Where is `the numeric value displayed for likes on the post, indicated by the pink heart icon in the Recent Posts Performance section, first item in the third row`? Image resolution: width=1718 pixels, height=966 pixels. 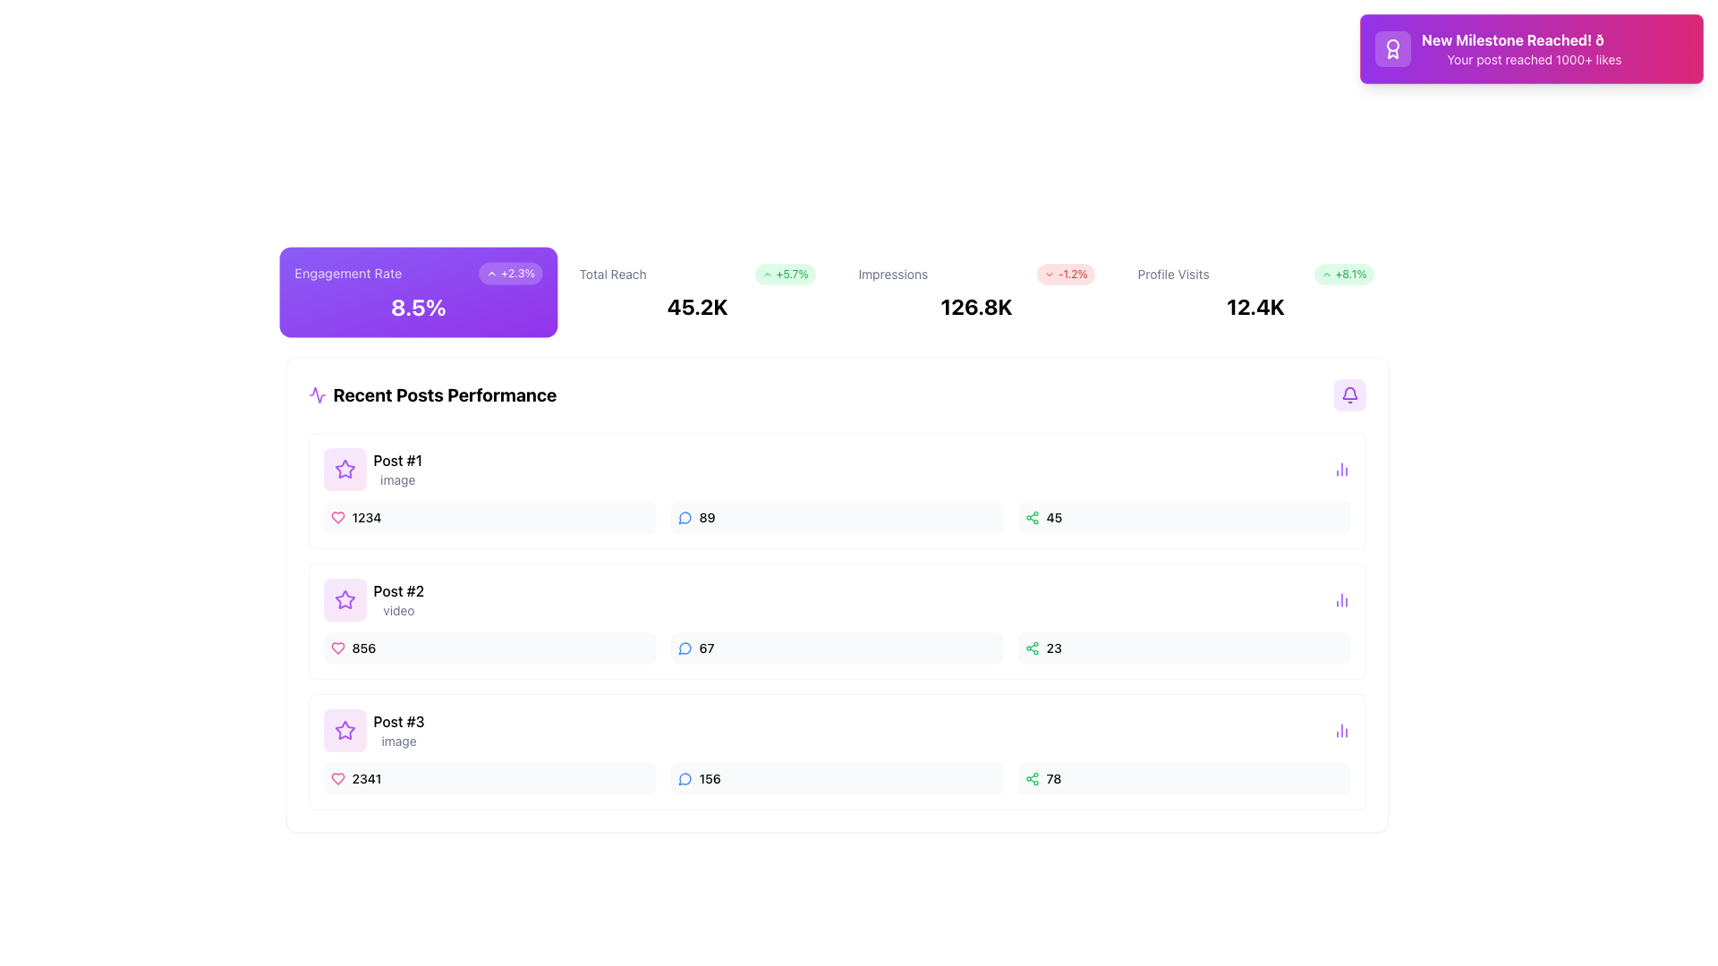
the numeric value displayed for likes on the post, indicated by the pink heart icon in the Recent Posts Performance section, first item in the third row is located at coordinates (489, 778).